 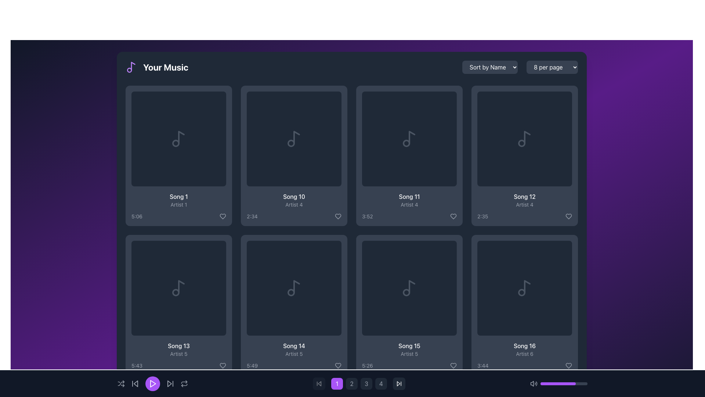 What do you see at coordinates (409, 155) in the screenshot?
I see `the song card in the first row and third column of the grid layout` at bounding box center [409, 155].